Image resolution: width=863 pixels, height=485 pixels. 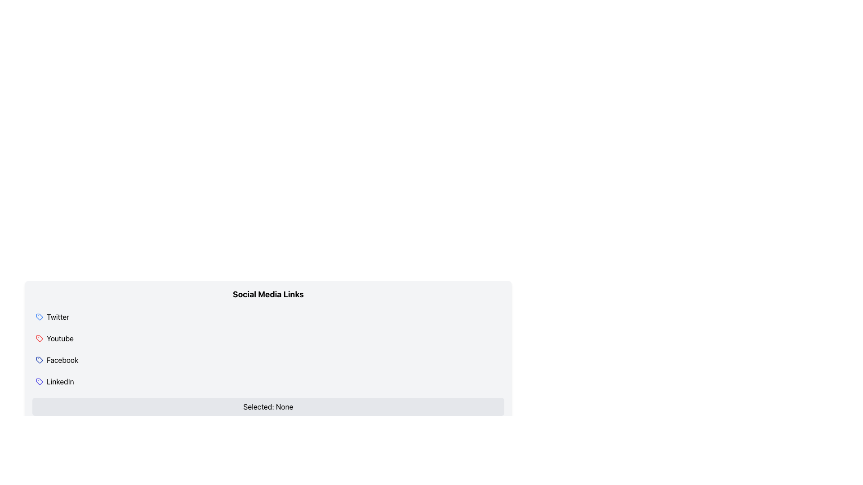 I want to click on the Youtube icon, which is located to the immediate left of the text 'Youtube' in the list of social media links, positioned second from the top, so click(x=39, y=338).